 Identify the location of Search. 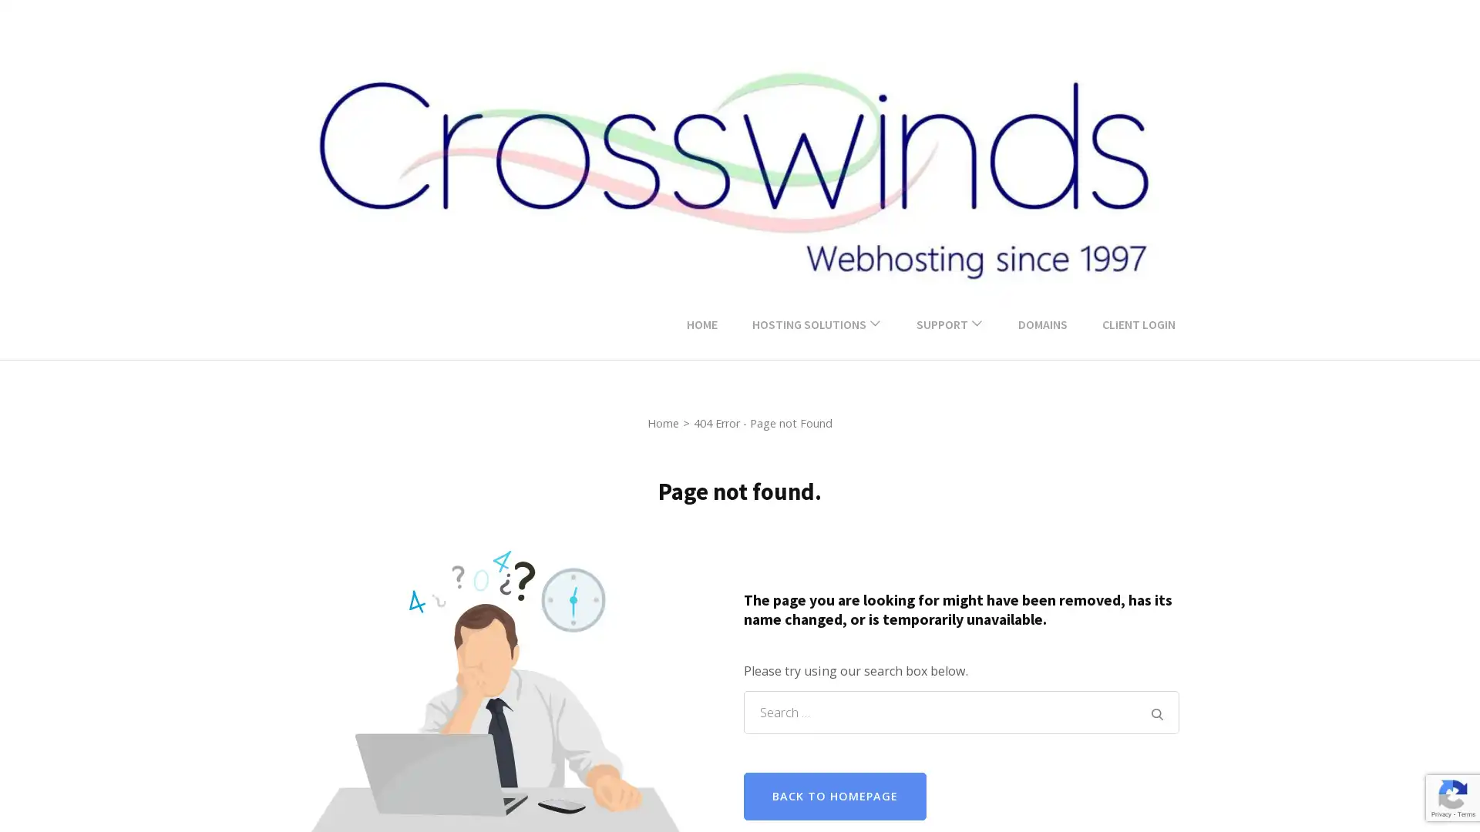
(1157, 713).